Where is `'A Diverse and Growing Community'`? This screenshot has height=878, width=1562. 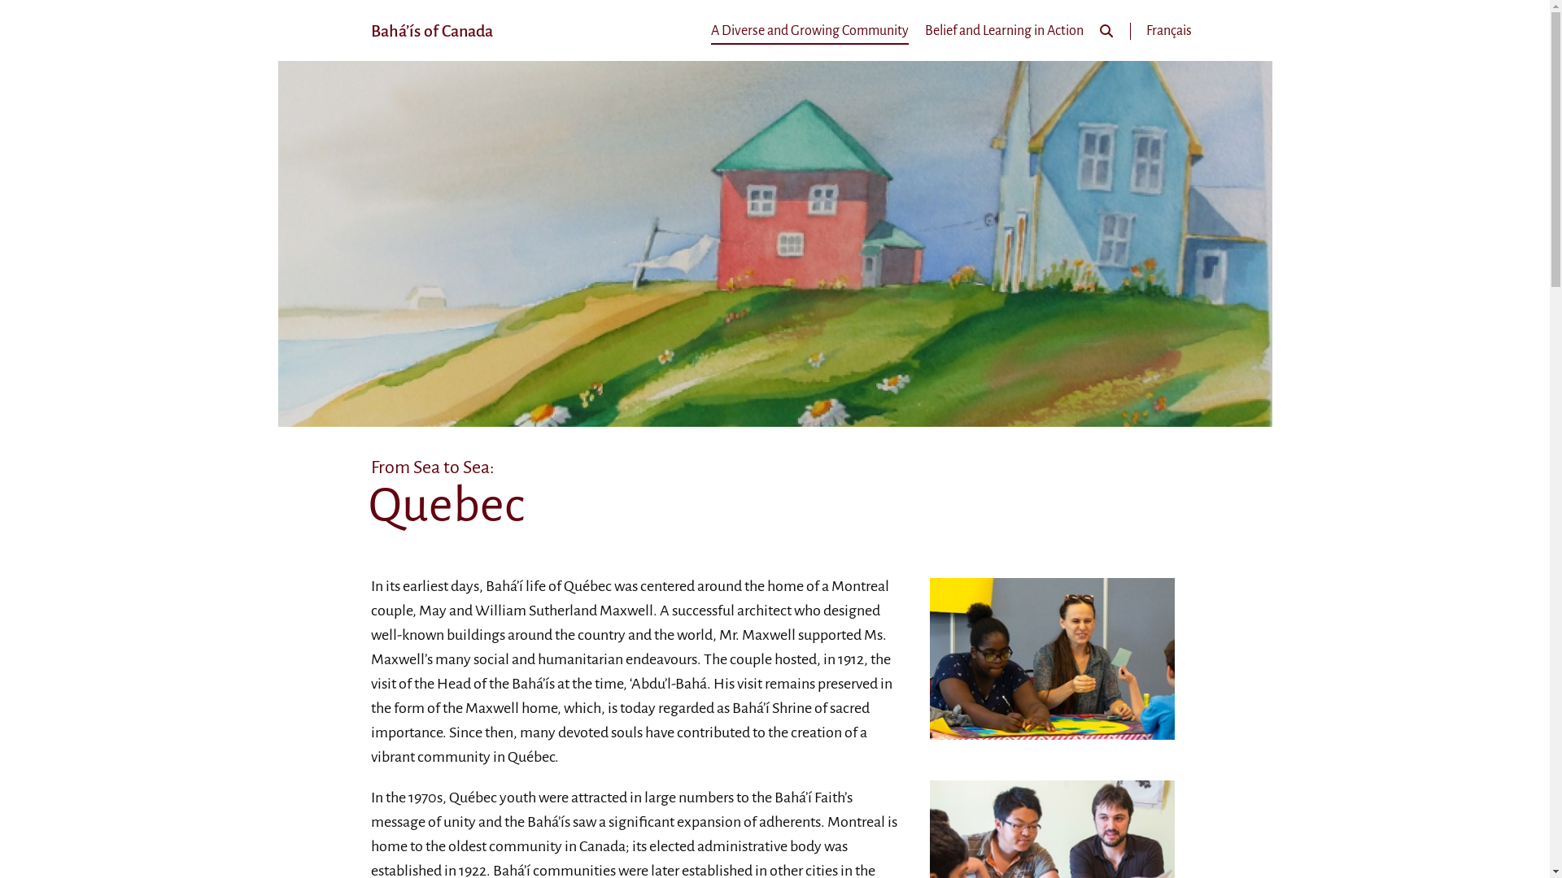 'A Diverse and Growing Community' is located at coordinates (809, 31).